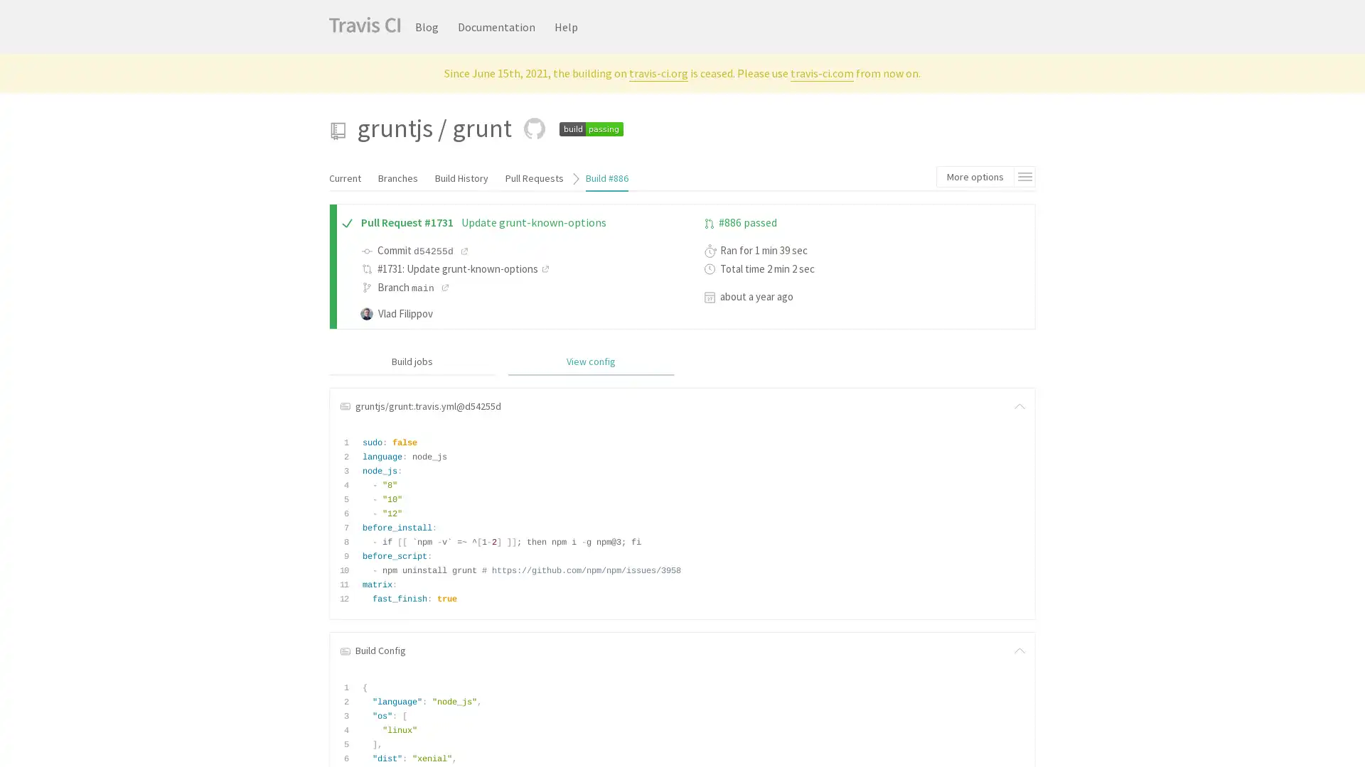 This screenshot has height=767, width=1365. What do you see at coordinates (985, 175) in the screenshot?
I see `More options` at bounding box center [985, 175].